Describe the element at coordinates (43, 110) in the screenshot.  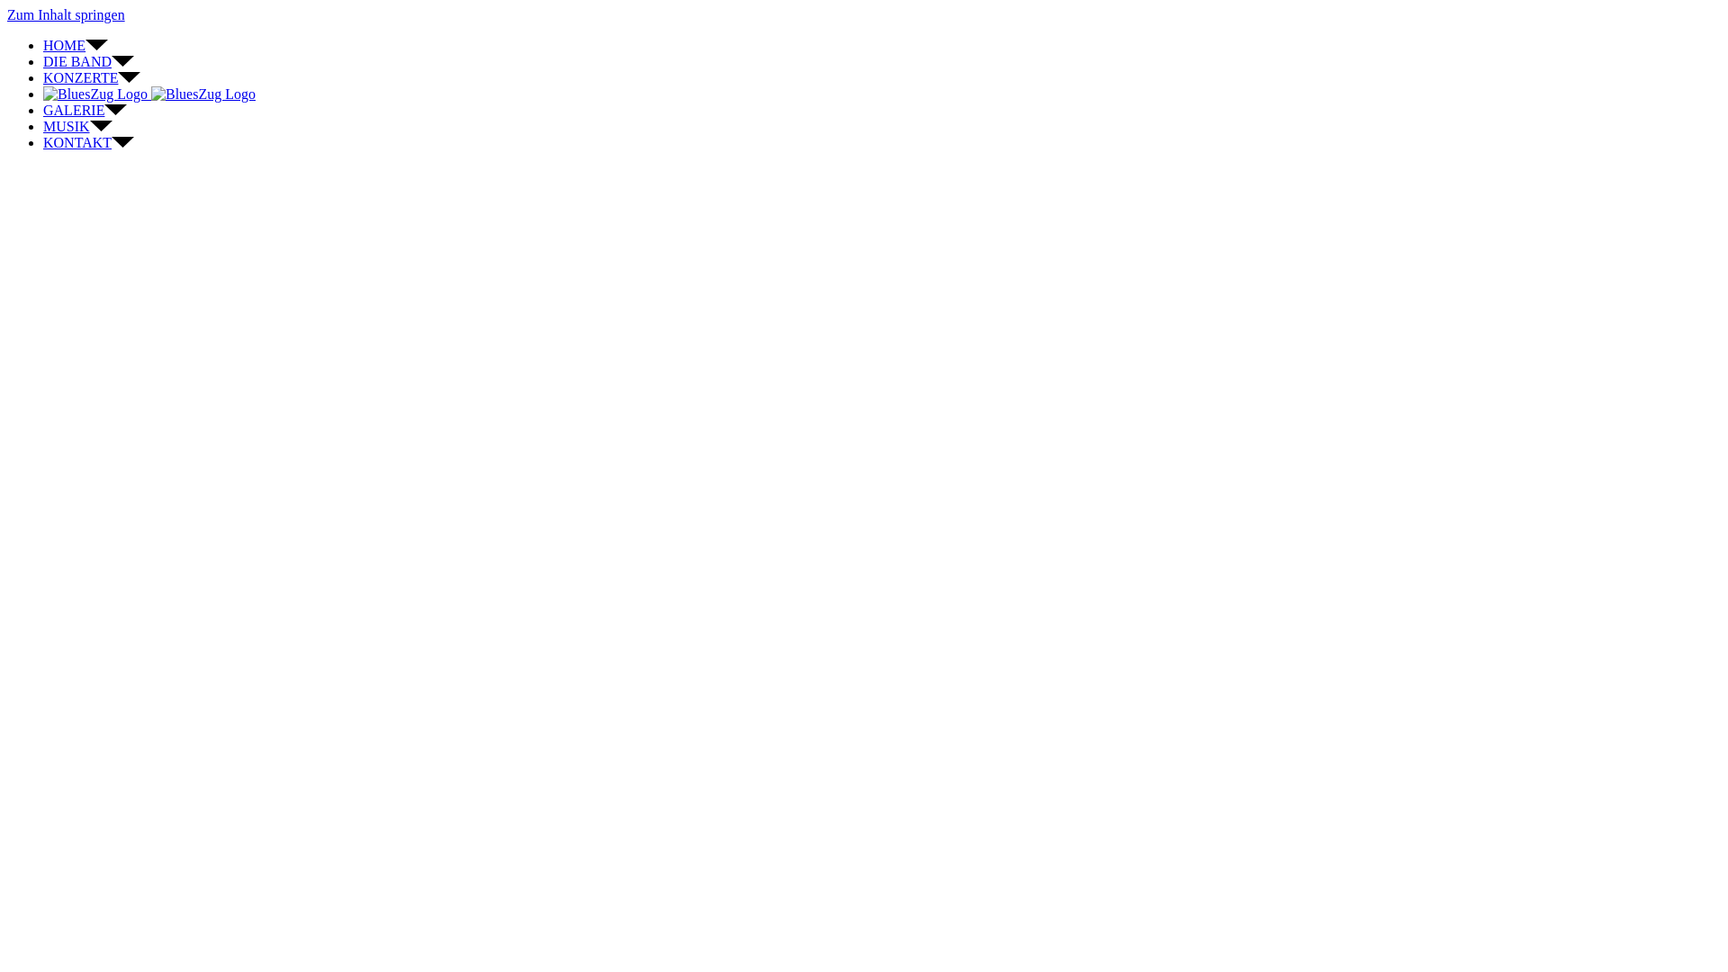
I see `'GALERIE'` at that location.